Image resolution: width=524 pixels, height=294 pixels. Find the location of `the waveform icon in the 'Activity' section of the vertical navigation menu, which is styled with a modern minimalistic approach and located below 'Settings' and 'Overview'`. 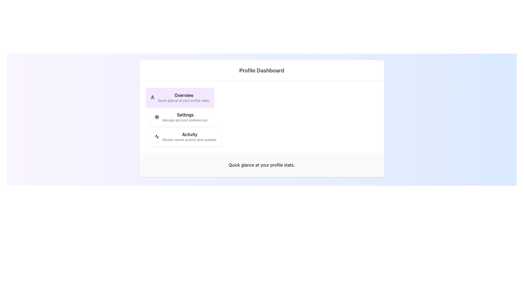

the waveform icon in the 'Activity' section of the vertical navigation menu, which is styled with a modern minimalistic approach and located below 'Settings' and 'Overview' is located at coordinates (157, 136).